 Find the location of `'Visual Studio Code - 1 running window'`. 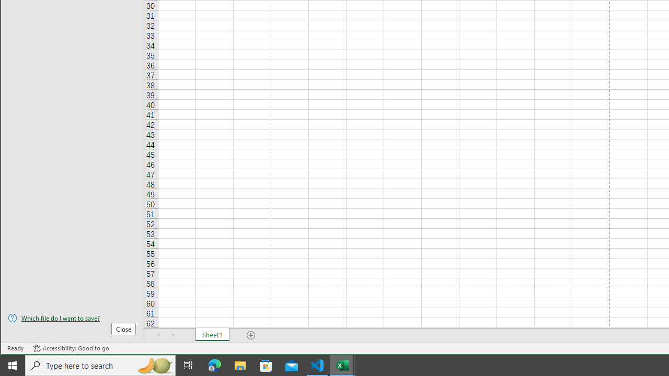

'Visual Studio Code - 1 running window' is located at coordinates (317, 365).